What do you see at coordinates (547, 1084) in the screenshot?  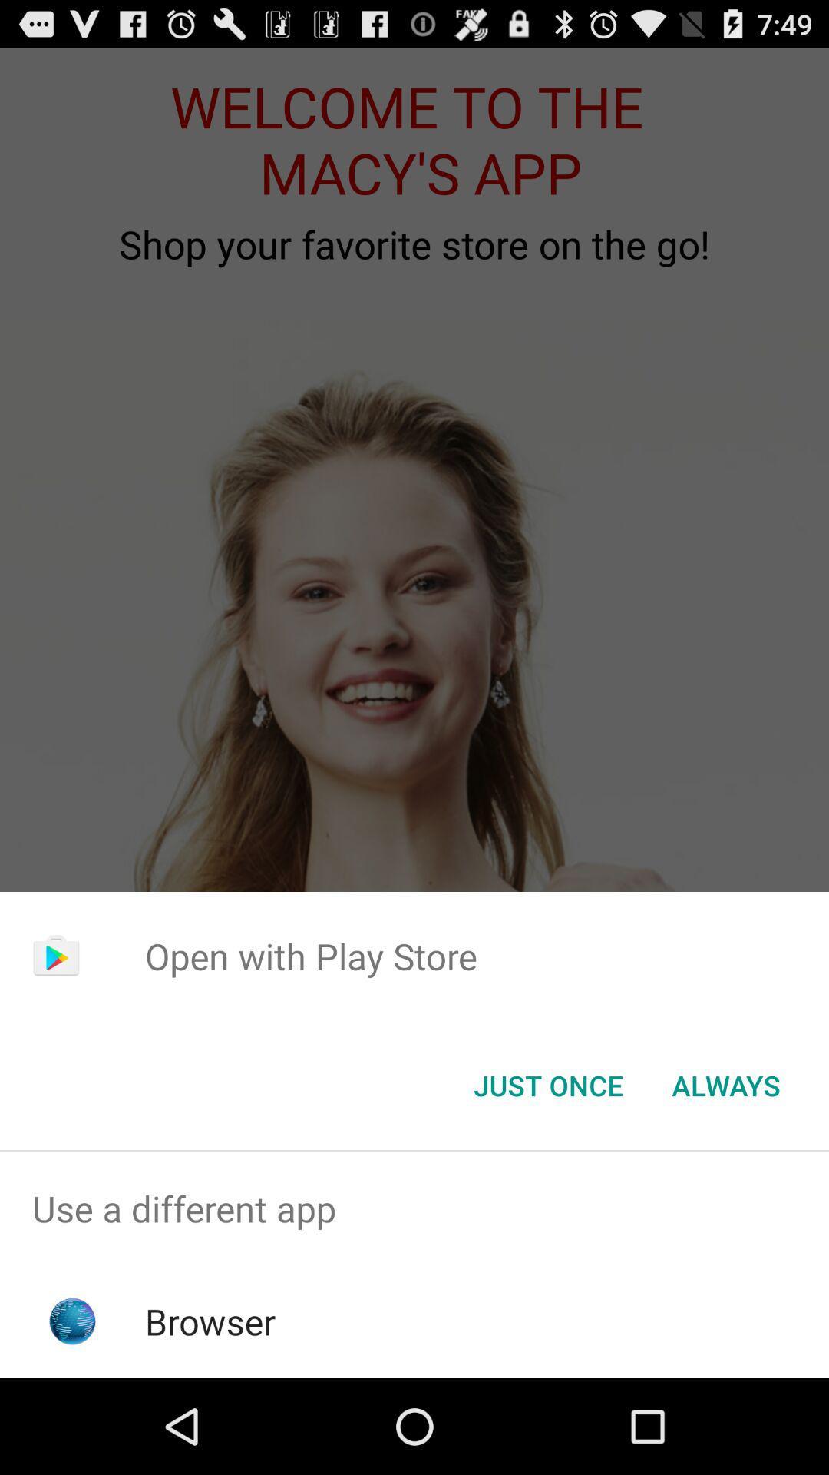 I see `the icon to the left of always` at bounding box center [547, 1084].